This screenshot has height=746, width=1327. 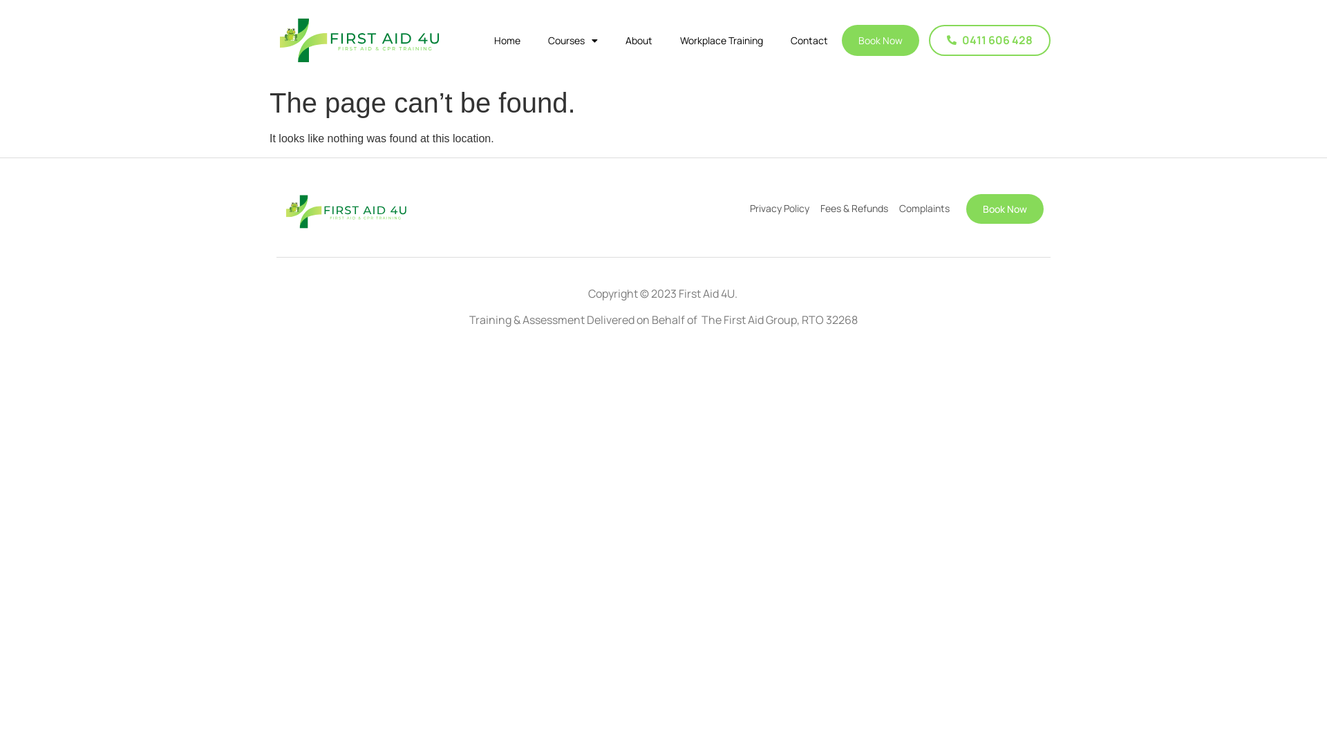 What do you see at coordinates (924, 208) in the screenshot?
I see `'Complaints'` at bounding box center [924, 208].